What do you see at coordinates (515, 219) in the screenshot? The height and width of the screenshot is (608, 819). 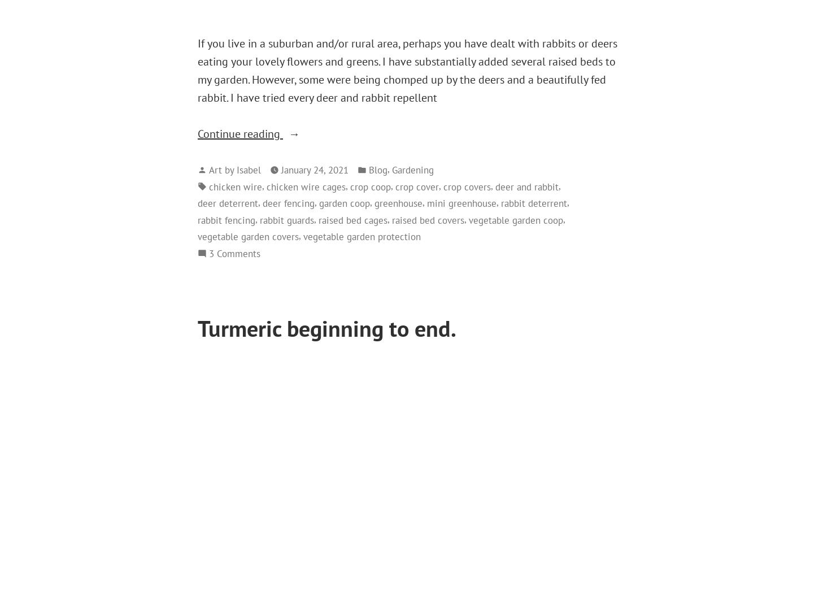 I see `'vegetable garden coop'` at bounding box center [515, 219].